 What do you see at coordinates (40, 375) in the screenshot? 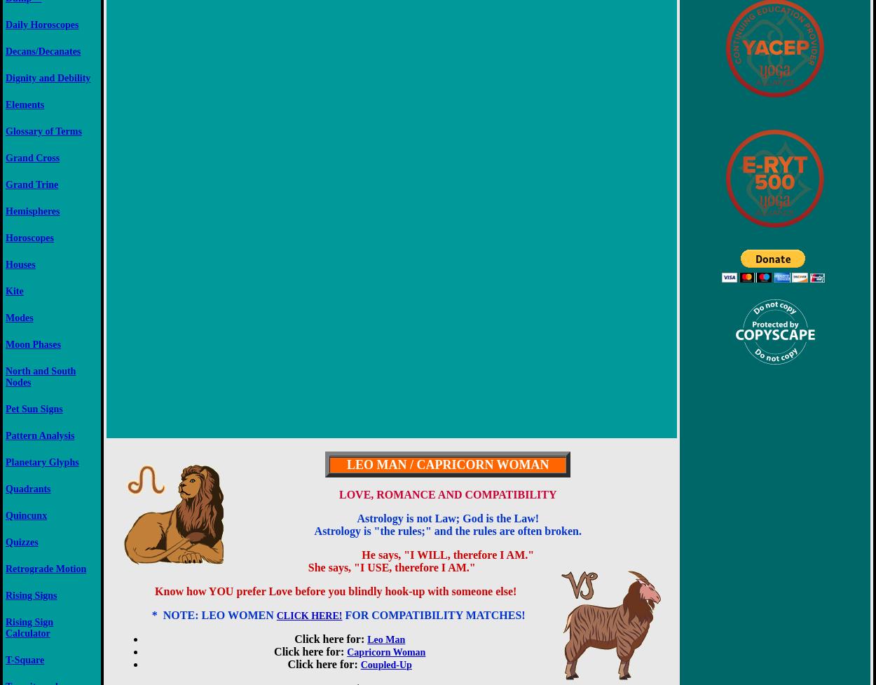
I see `'North and South Nodes'` at bounding box center [40, 375].